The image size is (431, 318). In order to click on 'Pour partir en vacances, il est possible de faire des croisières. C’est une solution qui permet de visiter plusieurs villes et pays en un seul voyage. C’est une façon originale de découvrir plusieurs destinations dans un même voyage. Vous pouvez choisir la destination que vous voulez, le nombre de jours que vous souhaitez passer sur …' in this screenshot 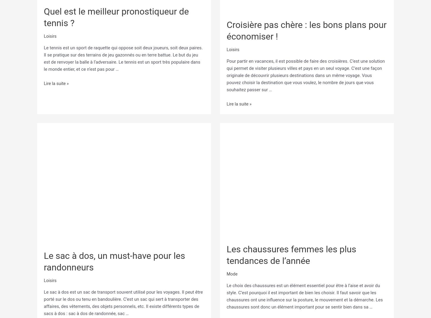, I will do `click(306, 74)`.